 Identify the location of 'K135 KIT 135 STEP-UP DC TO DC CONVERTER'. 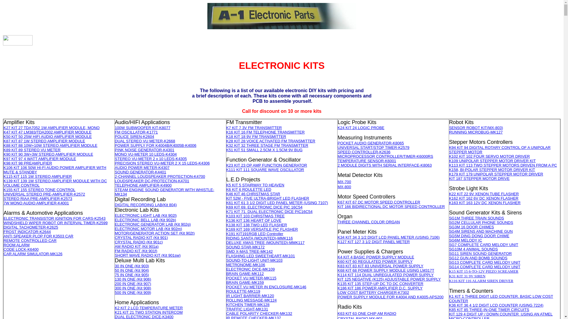
(380, 283).